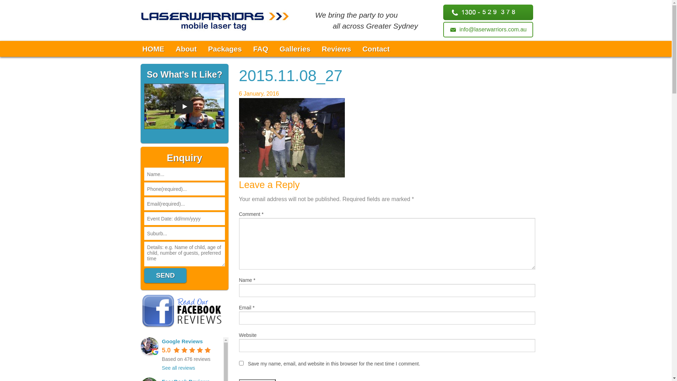  What do you see at coordinates (247, 48) in the screenshot?
I see `'FAQ'` at bounding box center [247, 48].